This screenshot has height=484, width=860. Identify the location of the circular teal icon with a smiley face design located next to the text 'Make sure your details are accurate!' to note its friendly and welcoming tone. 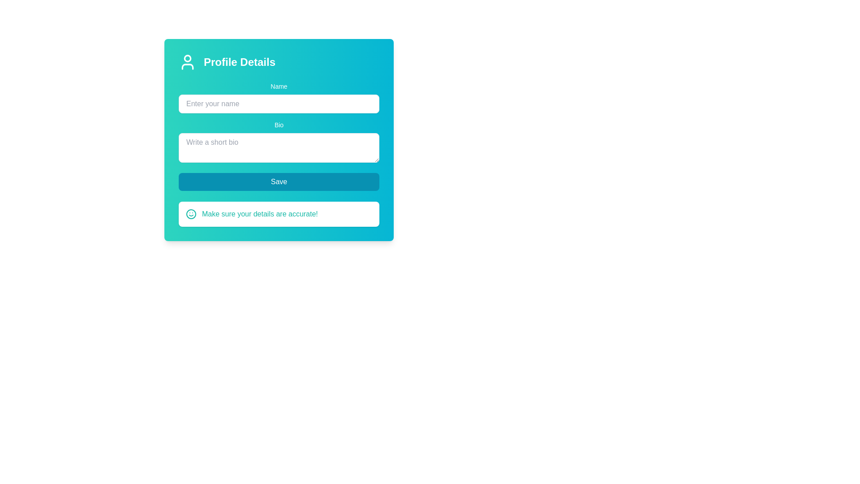
(191, 214).